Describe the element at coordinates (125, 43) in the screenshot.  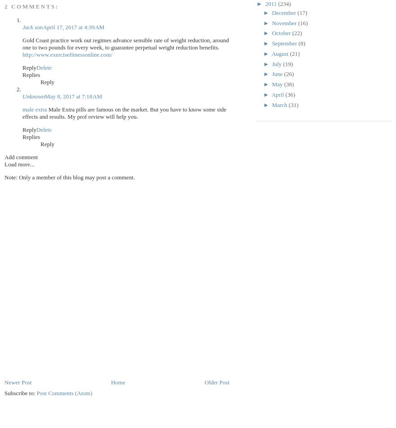
I see `'Gold Coast practice work out regimes advance sensible rate of weight reduction, around one to two pounds for every week, to guarantee perpetual weight reduction benefits.'` at that location.